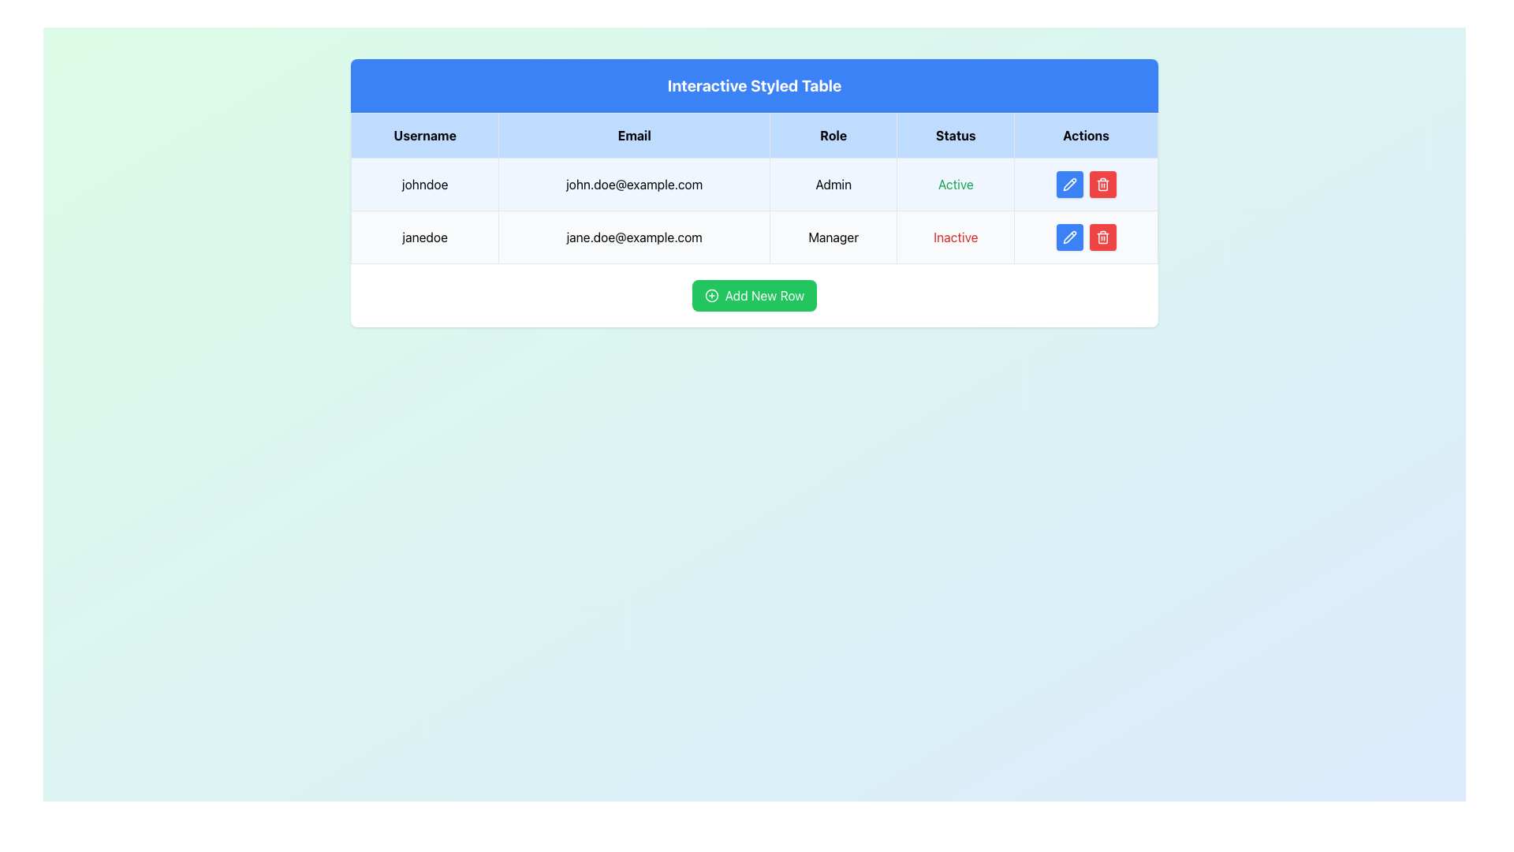 This screenshot has width=1514, height=852. Describe the element at coordinates (634, 237) in the screenshot. I see `the text element displaying 'jane.doe@example.com' in the 'Email' column of the second row of the table` at that location.